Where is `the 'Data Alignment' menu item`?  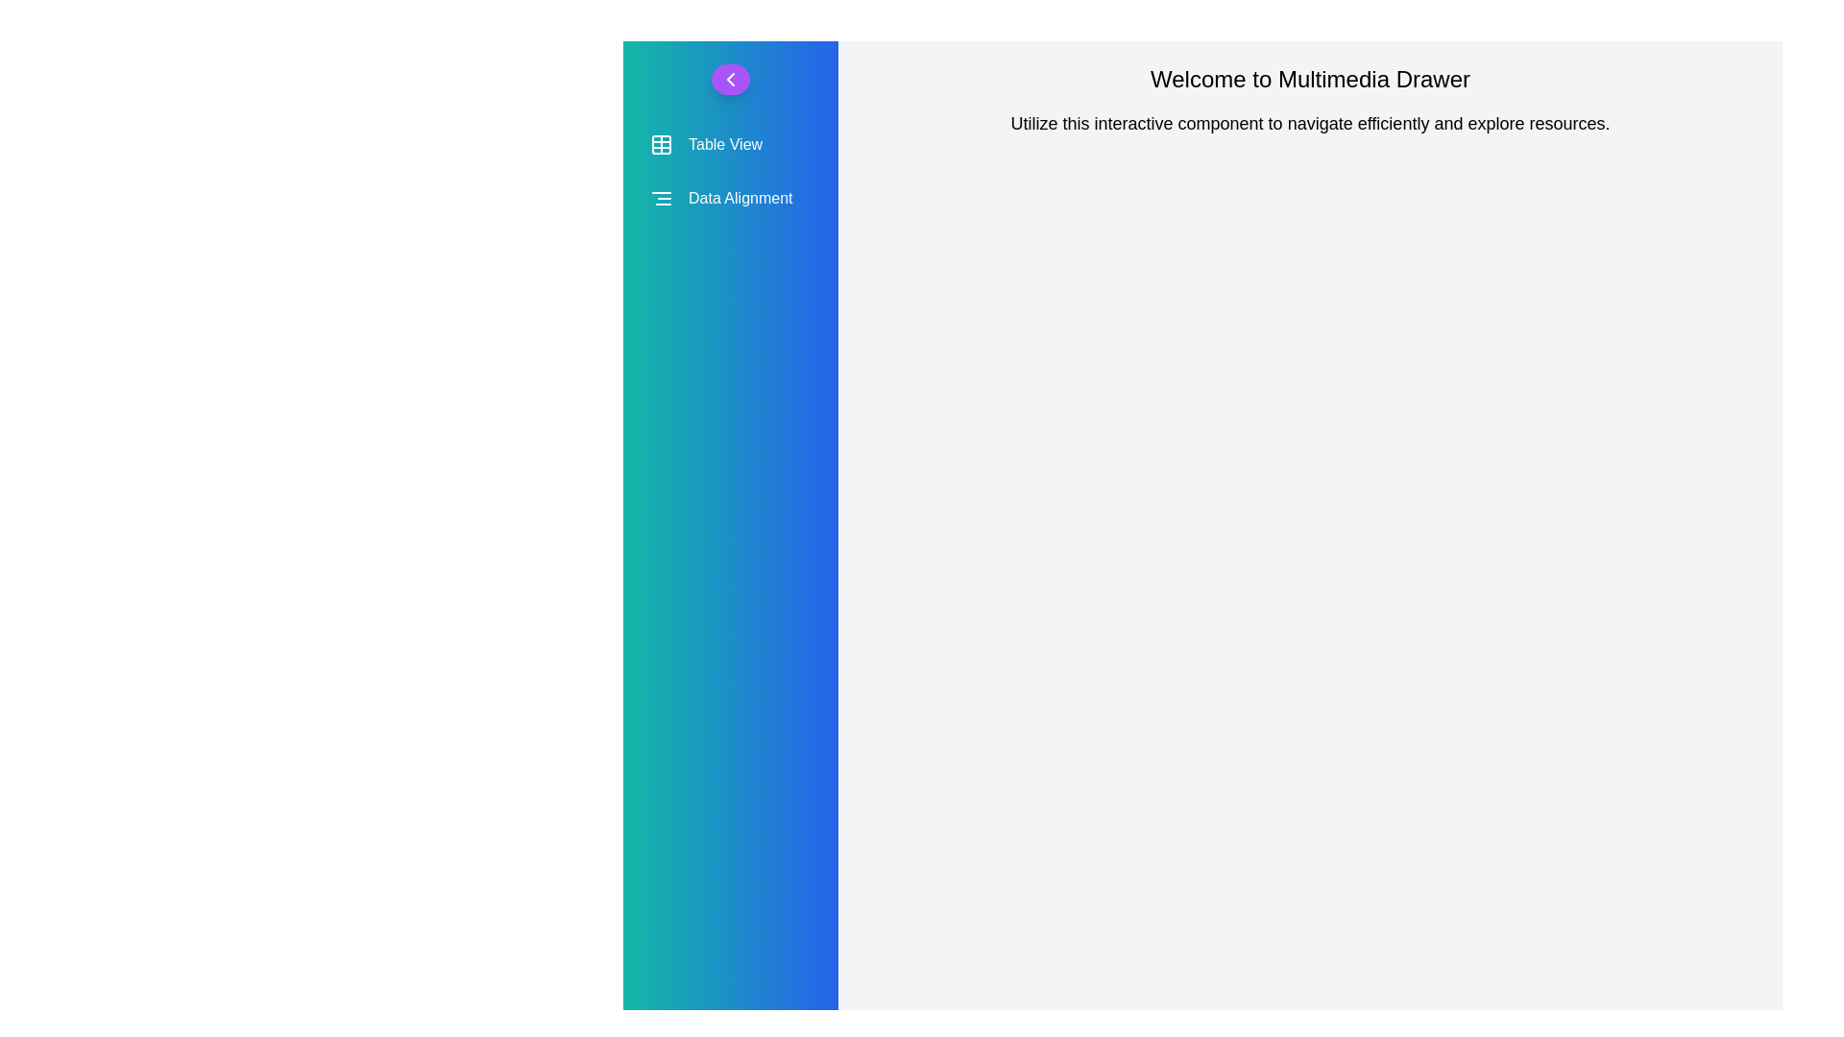
the 'Data Alignment' menu item is located at coordinates (730, 199).